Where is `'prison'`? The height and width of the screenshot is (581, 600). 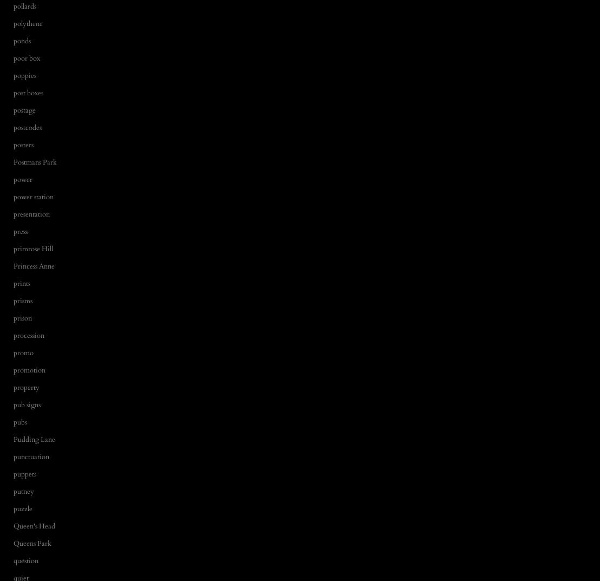 'prison' is located at coordinates (22, 318).